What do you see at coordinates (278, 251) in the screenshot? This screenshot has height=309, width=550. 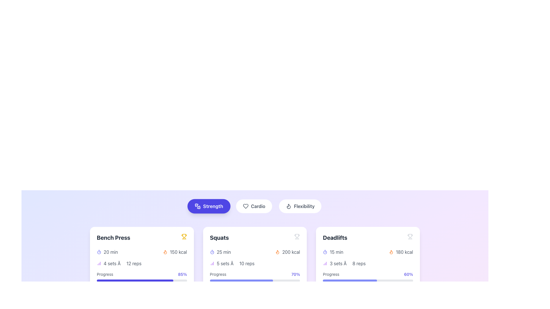 I see `the icon representing calories burned, which is positioned to the left of the '200 kcal' text within the workout card for 'Squats'` at bounding box center [278, 251].